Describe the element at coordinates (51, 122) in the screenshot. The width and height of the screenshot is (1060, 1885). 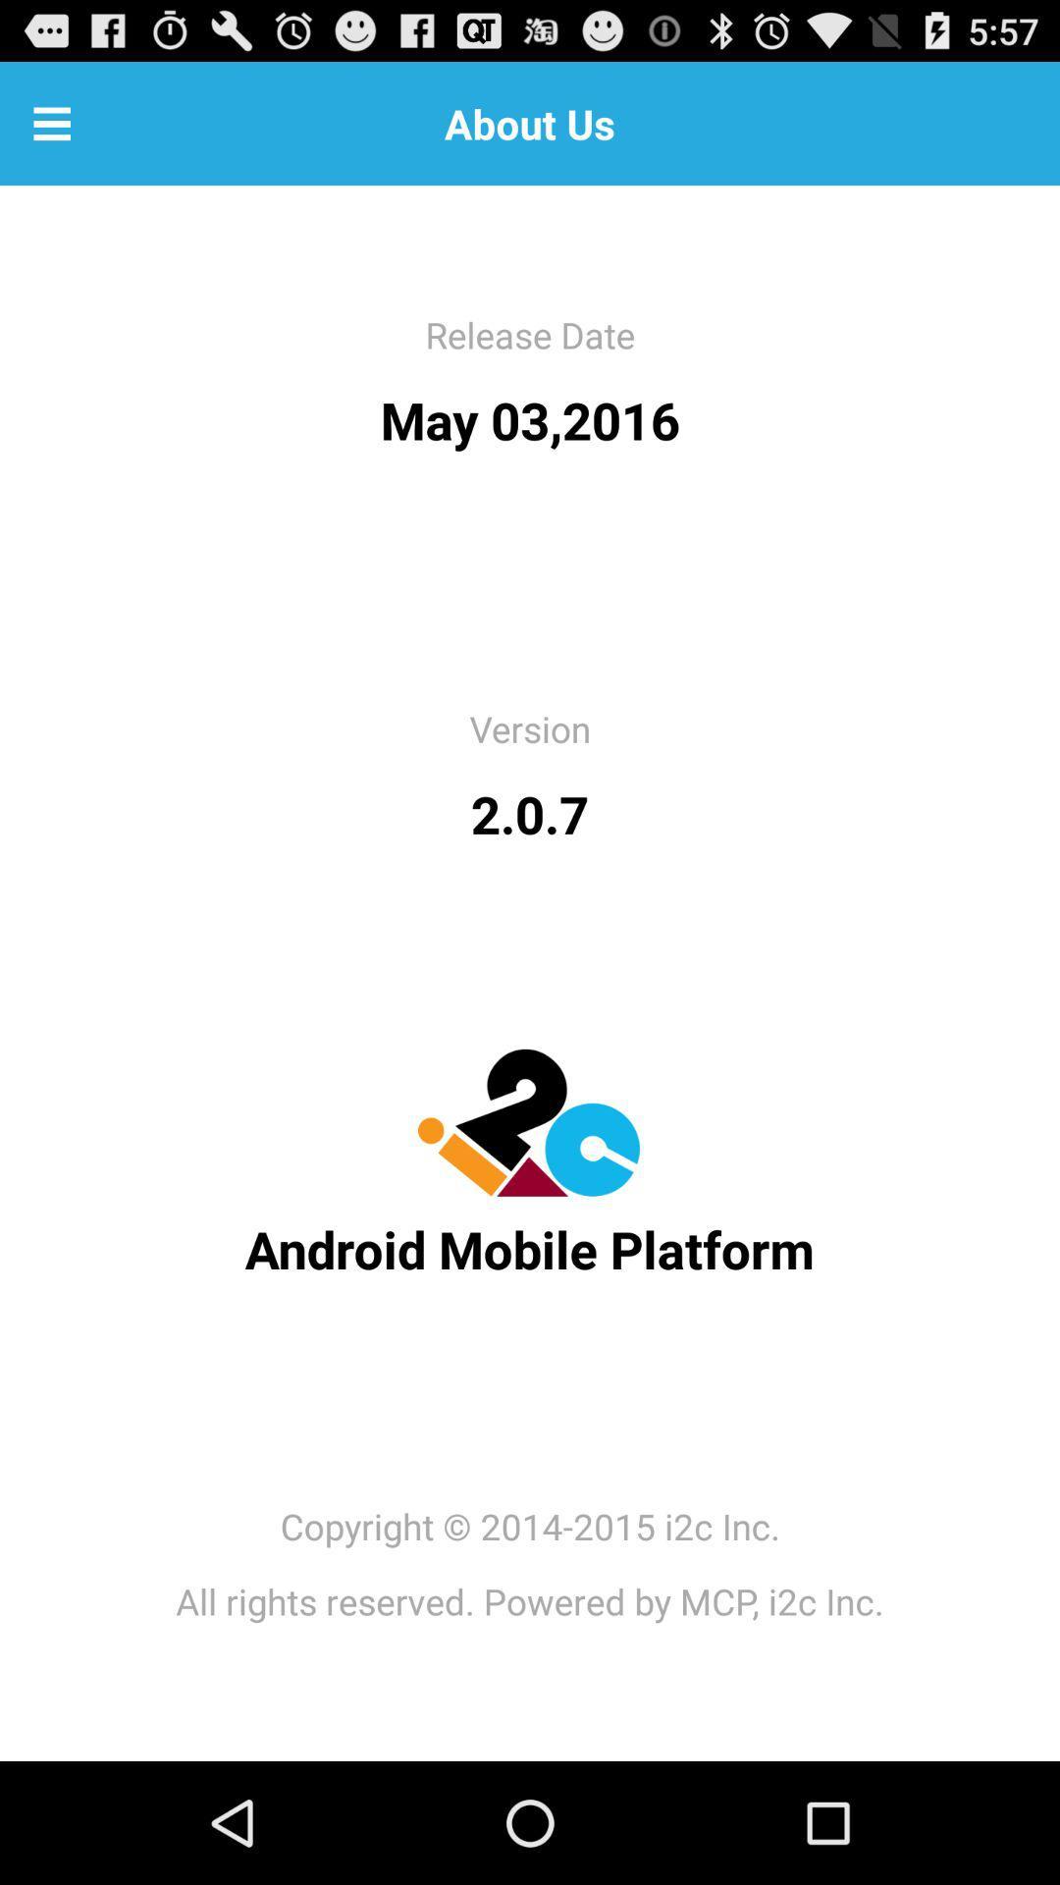
I see `the app to the left of about us icon` at that location.